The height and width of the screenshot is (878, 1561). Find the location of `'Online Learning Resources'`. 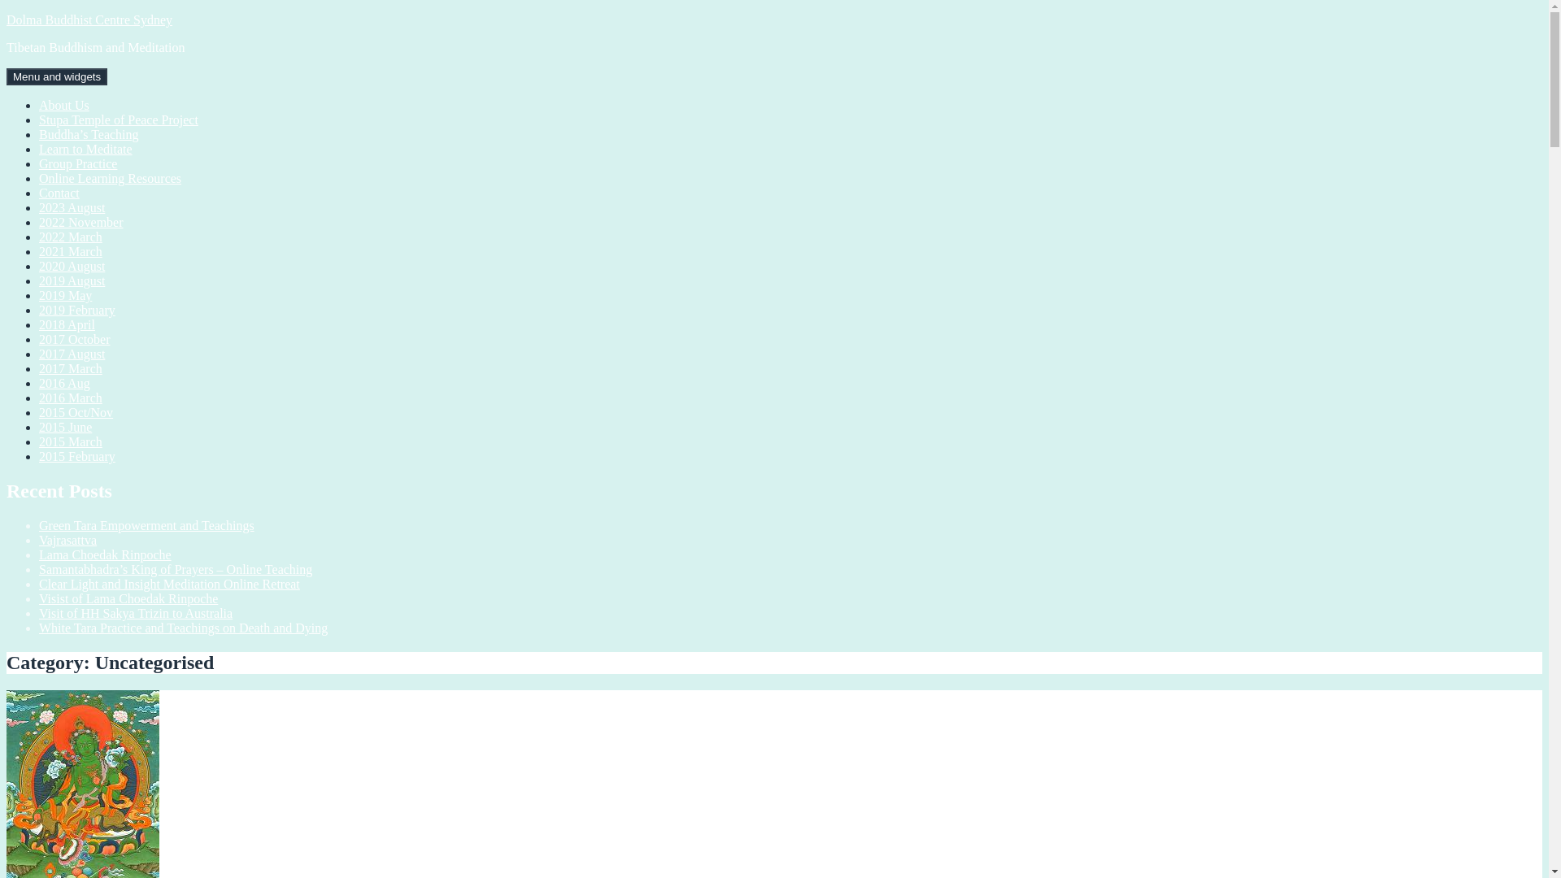

'Online Learning Resources' is located at coordinates (109, 178).